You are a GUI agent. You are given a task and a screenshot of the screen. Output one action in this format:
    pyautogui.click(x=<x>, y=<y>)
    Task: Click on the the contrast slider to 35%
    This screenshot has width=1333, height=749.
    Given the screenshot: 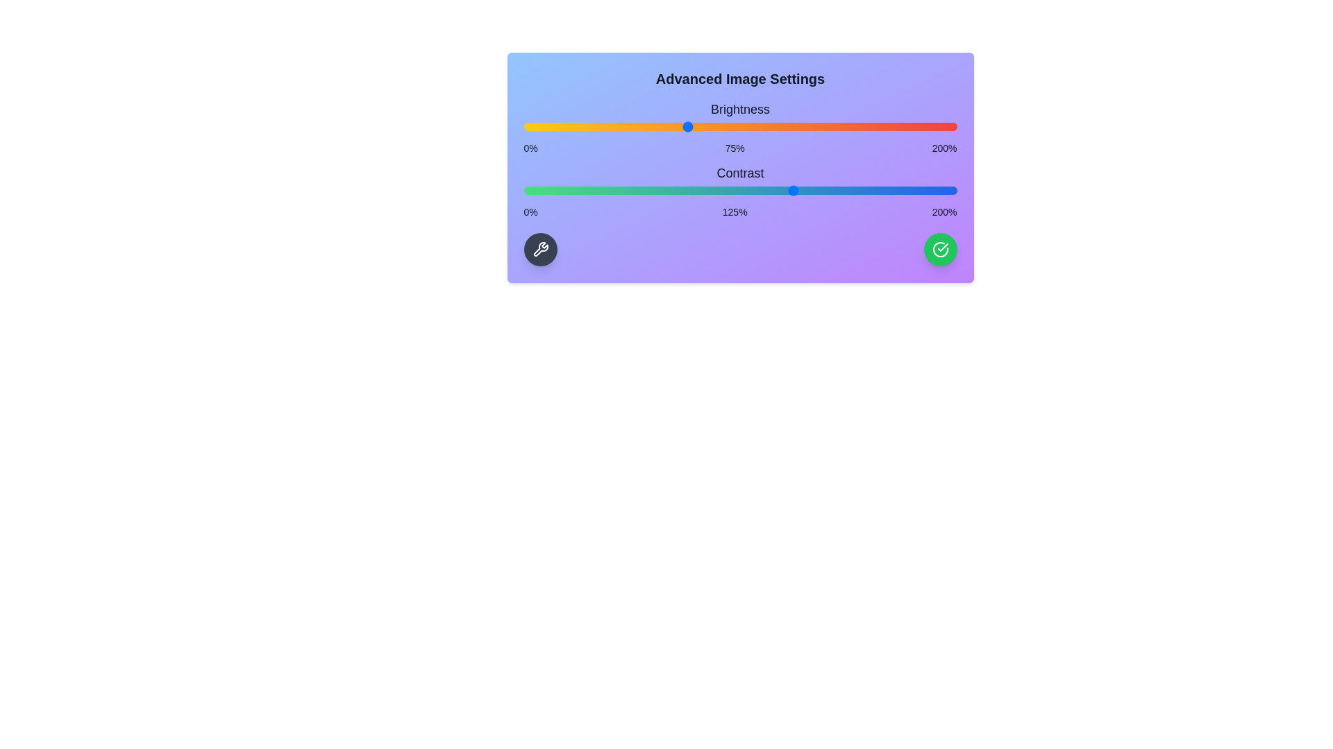 What is the action you would take?
    pyautogui.click(x=599, y=190)
    